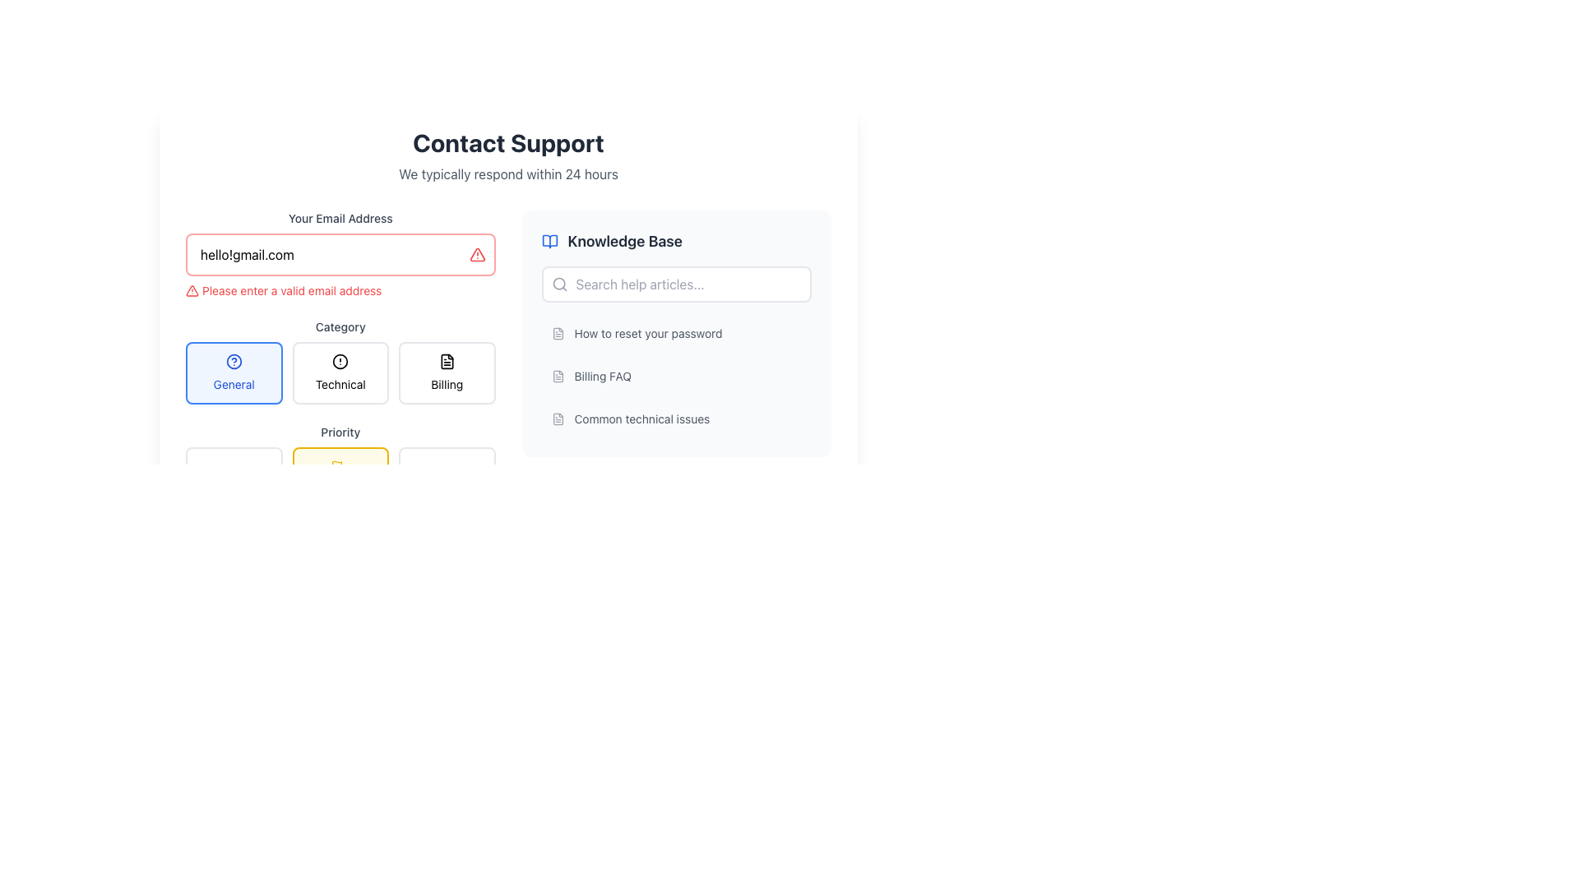 This screenshot has height=888, width=1579. What do you see at coordinates (340, 475) in the screenshot?
I see `the 'Medium' priority button located in the center of the 'Priority' section to set the priority option` at bounding box center [340, 475].